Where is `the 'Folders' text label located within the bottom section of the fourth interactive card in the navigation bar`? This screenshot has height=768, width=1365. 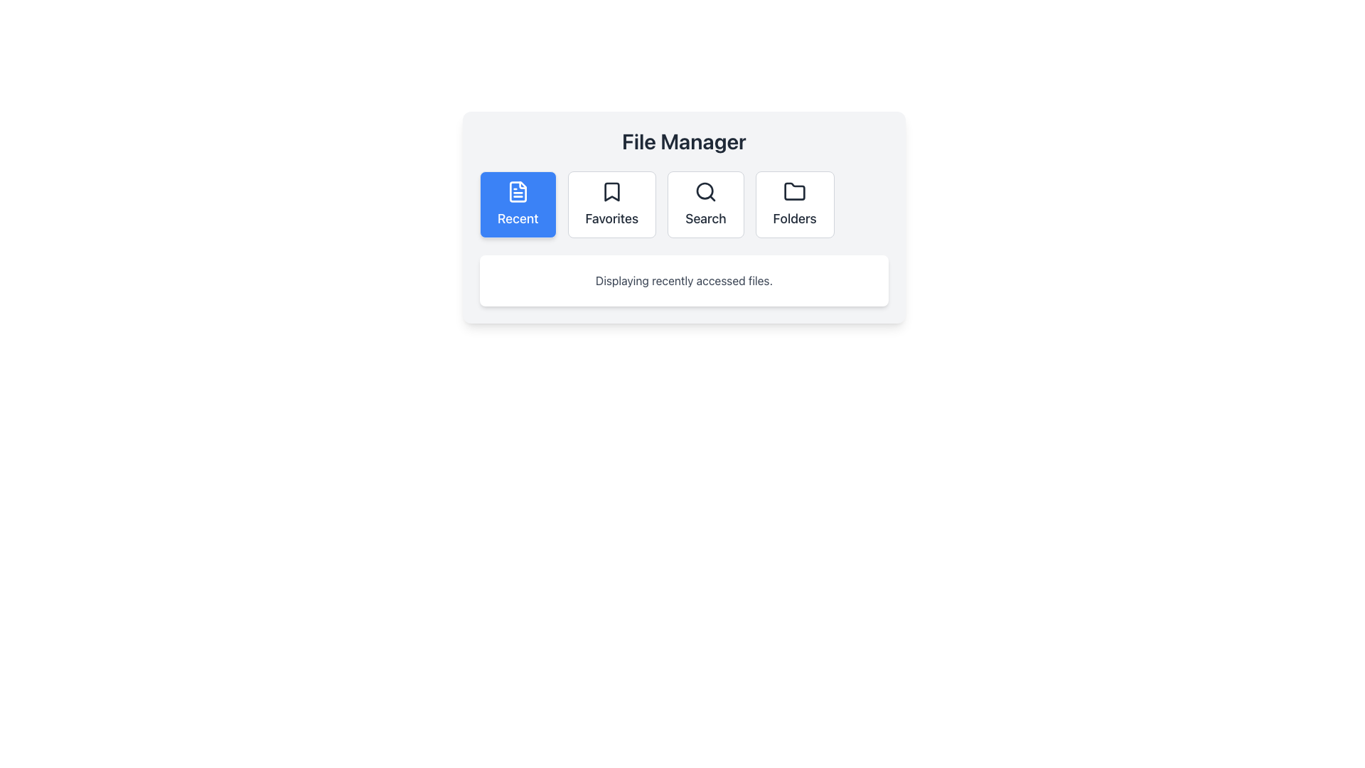 the 'Folders' text label located within the bottom section of the fourth interactive card in the navigation bar is located at coordinates (794, 219).